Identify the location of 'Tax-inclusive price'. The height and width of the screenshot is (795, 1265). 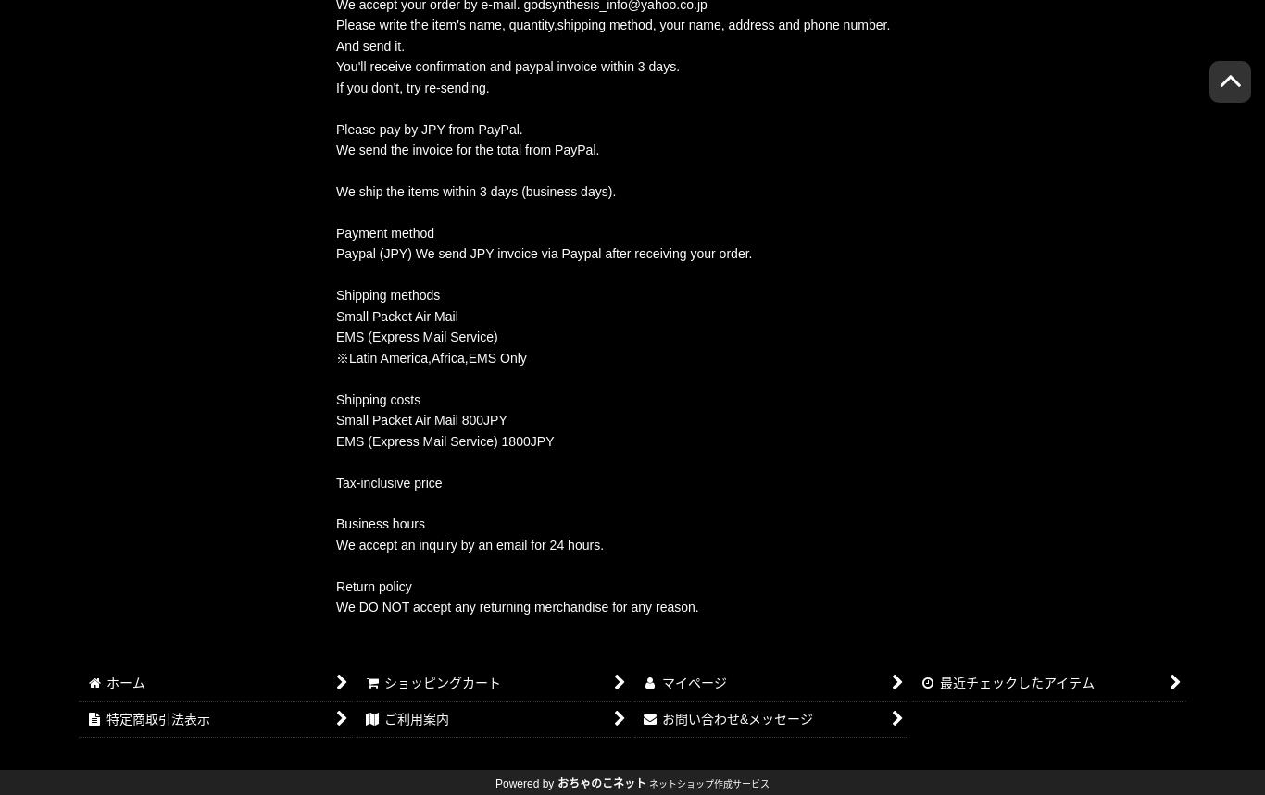
(388, 481).